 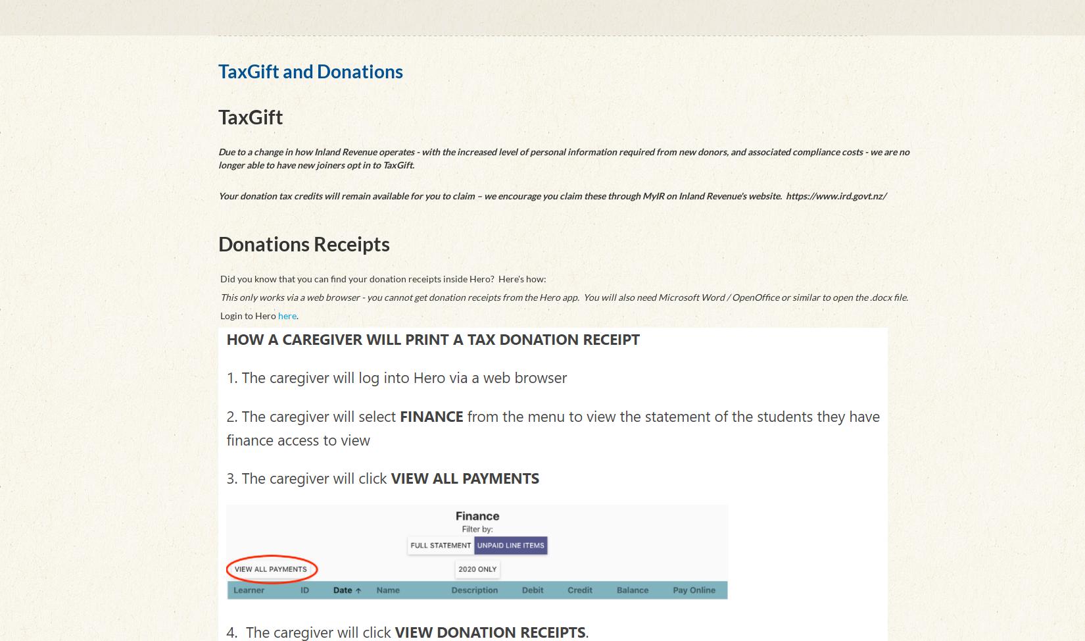 What do you see at coordinates (218, 194) in the screenshot?
I see `'Your donation tax credits will remain available for you to claim – we encourage you claim these through MyIR on Inland Revenue's website.  https://www.ird.govt.nz/'` at bounding box center [218, 194].